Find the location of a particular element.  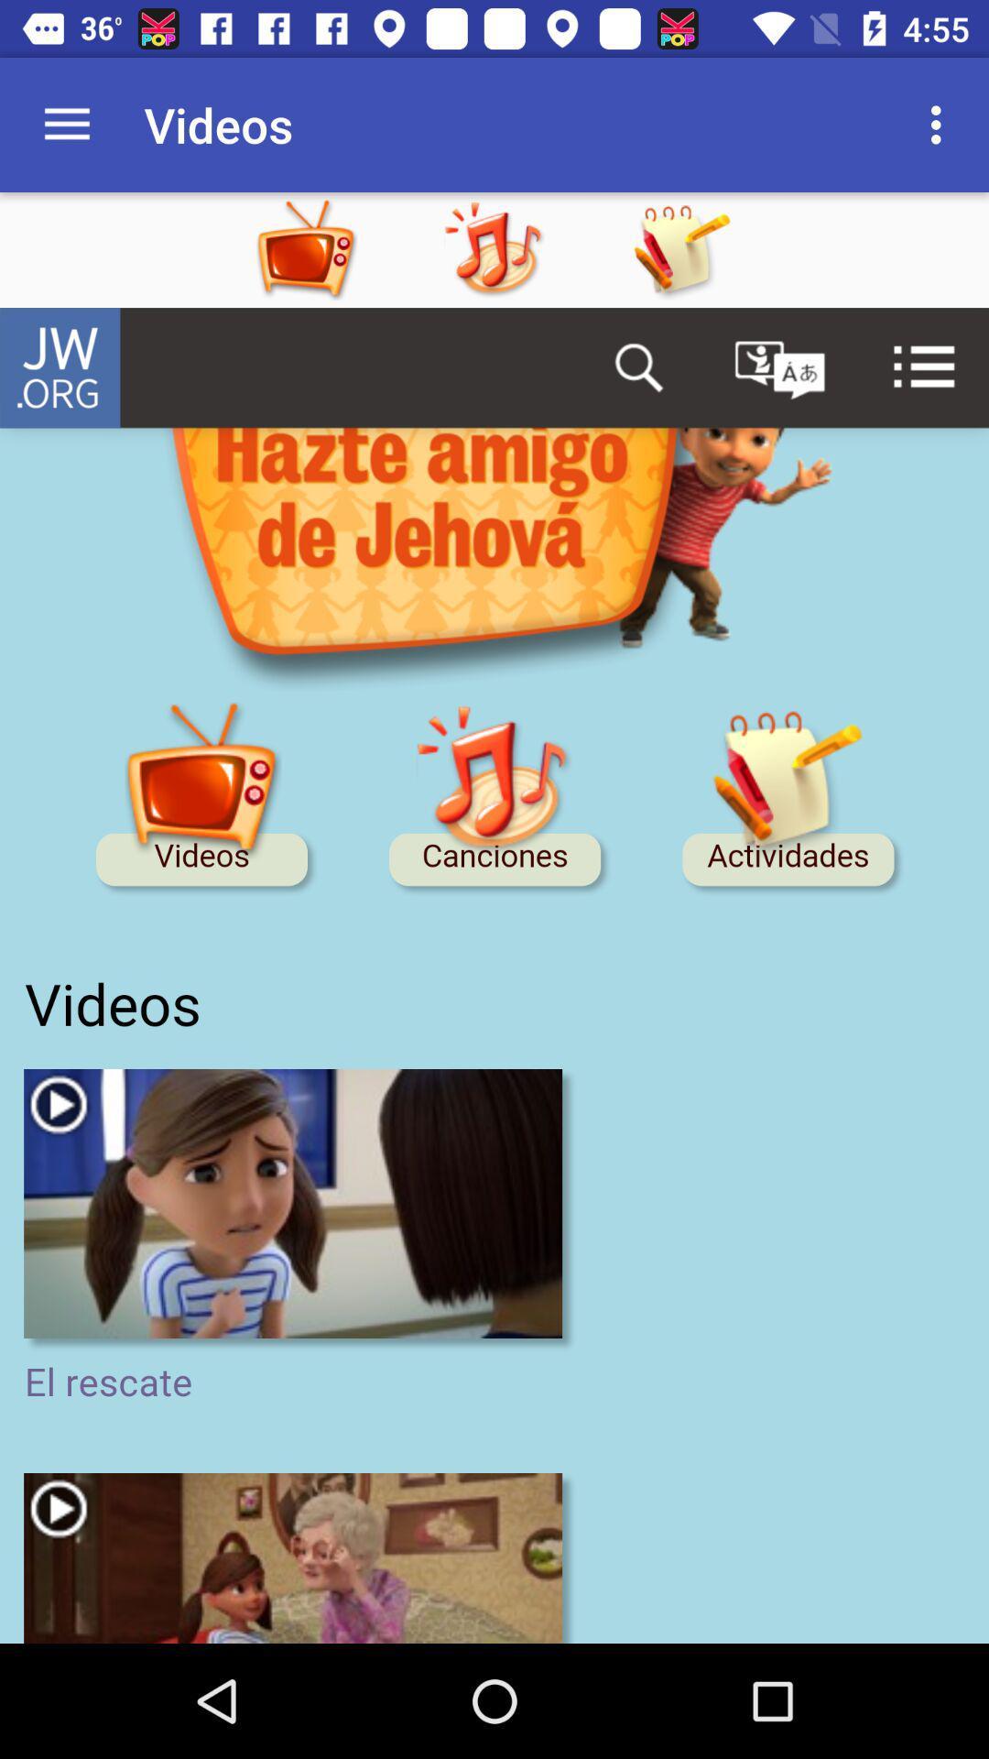

videos button is located at coordinates (342, 249).